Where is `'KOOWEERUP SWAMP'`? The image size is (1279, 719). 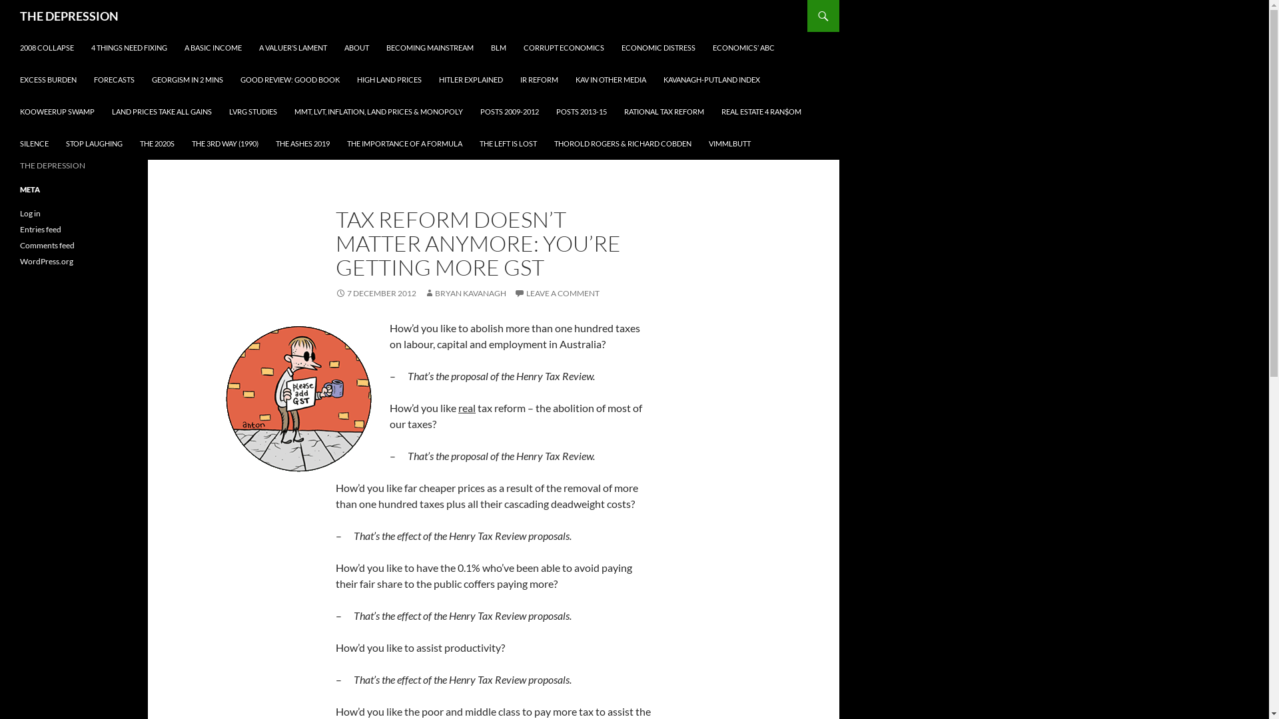
'KOOWEERUP SWAMP' is located at coordinates (57, 111).